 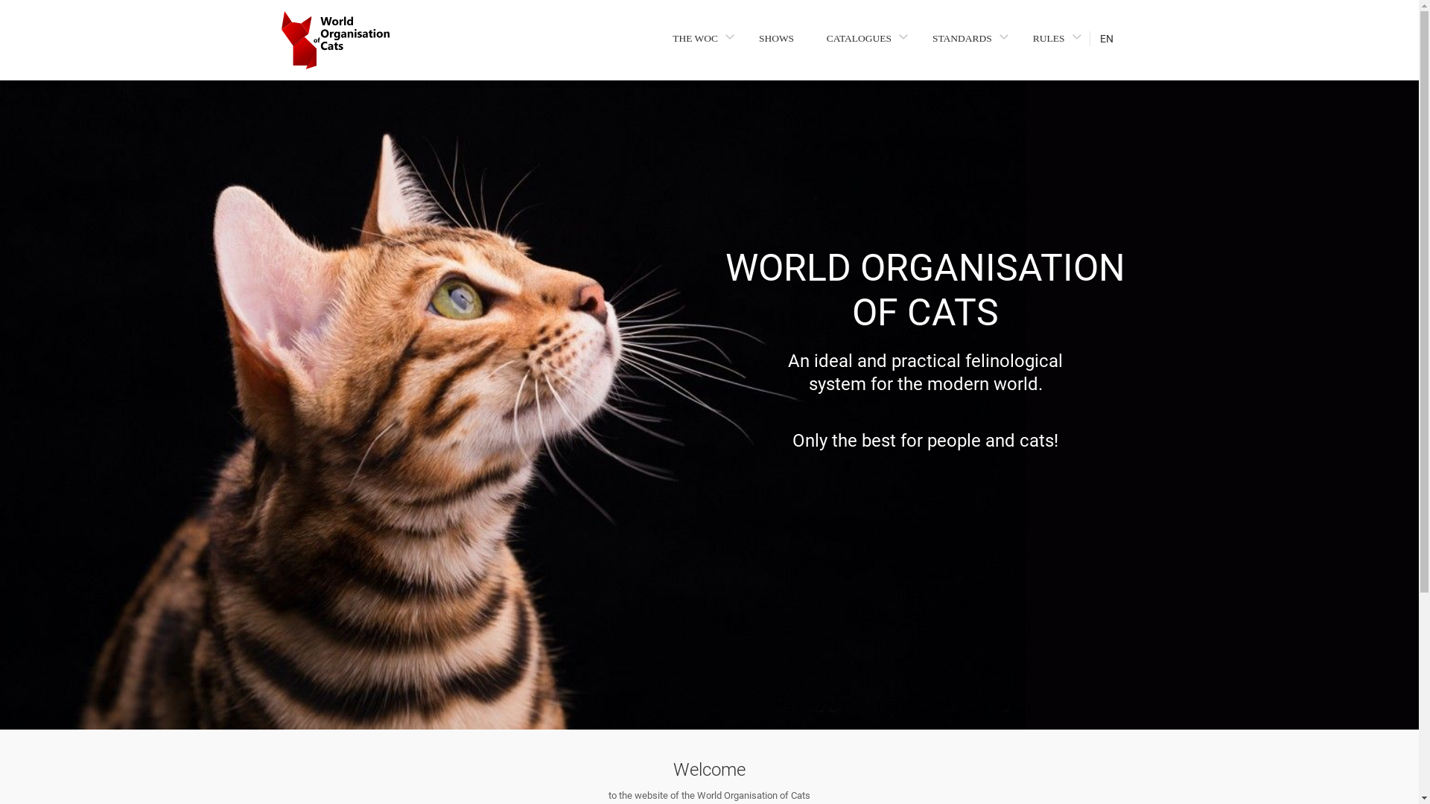 What do you see at coordinates (699, 37) in the screenshot?
I see `'THE WOC'` at bounding box center [699, 37].